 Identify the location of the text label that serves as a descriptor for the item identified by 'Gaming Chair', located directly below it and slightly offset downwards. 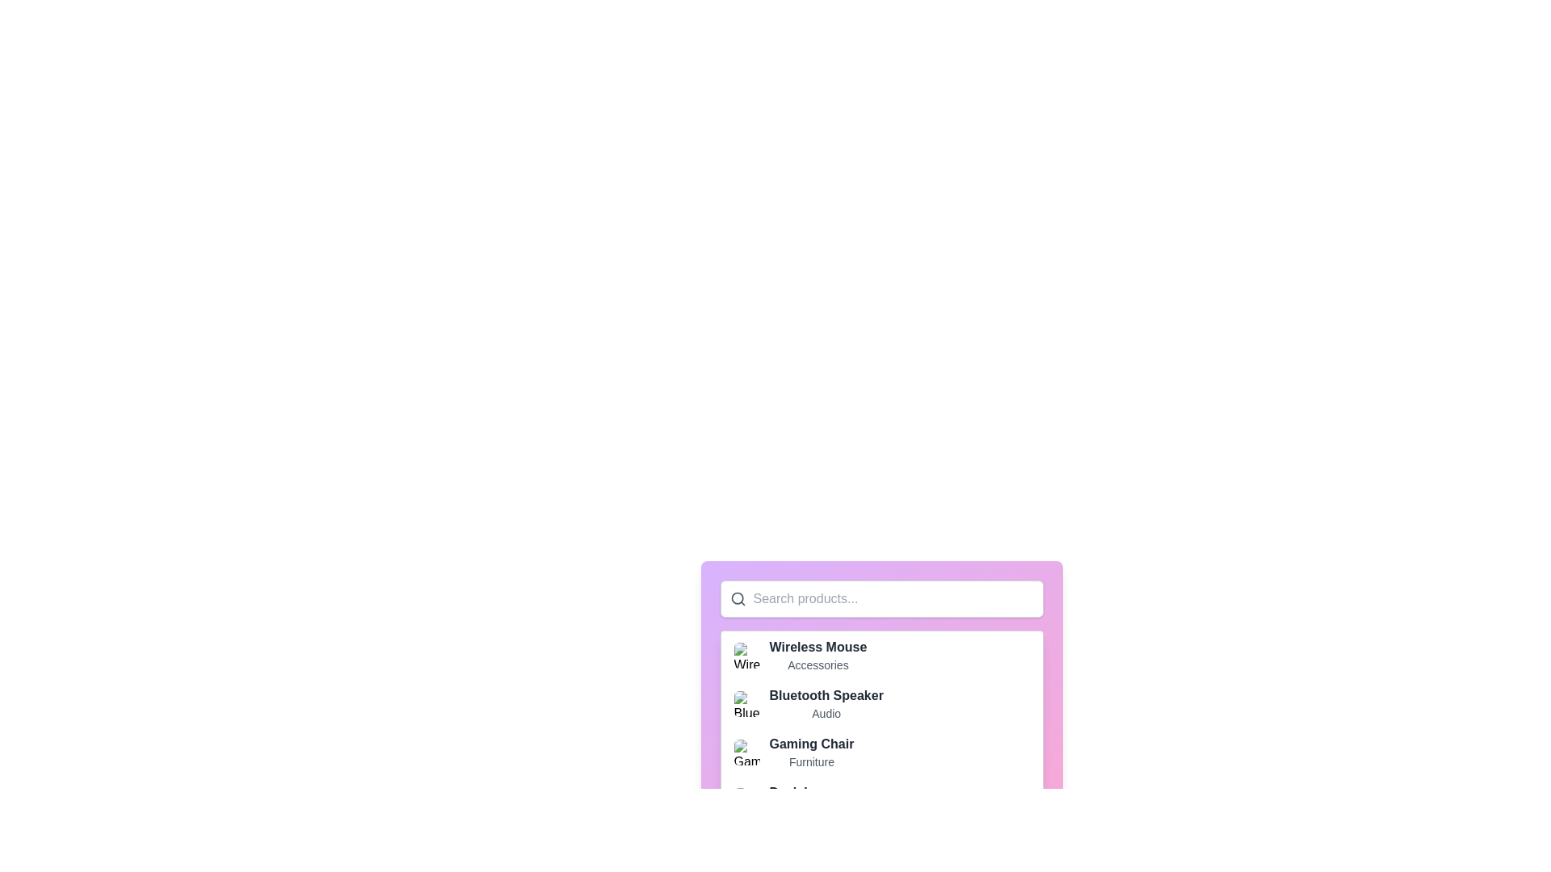
(811, 762).